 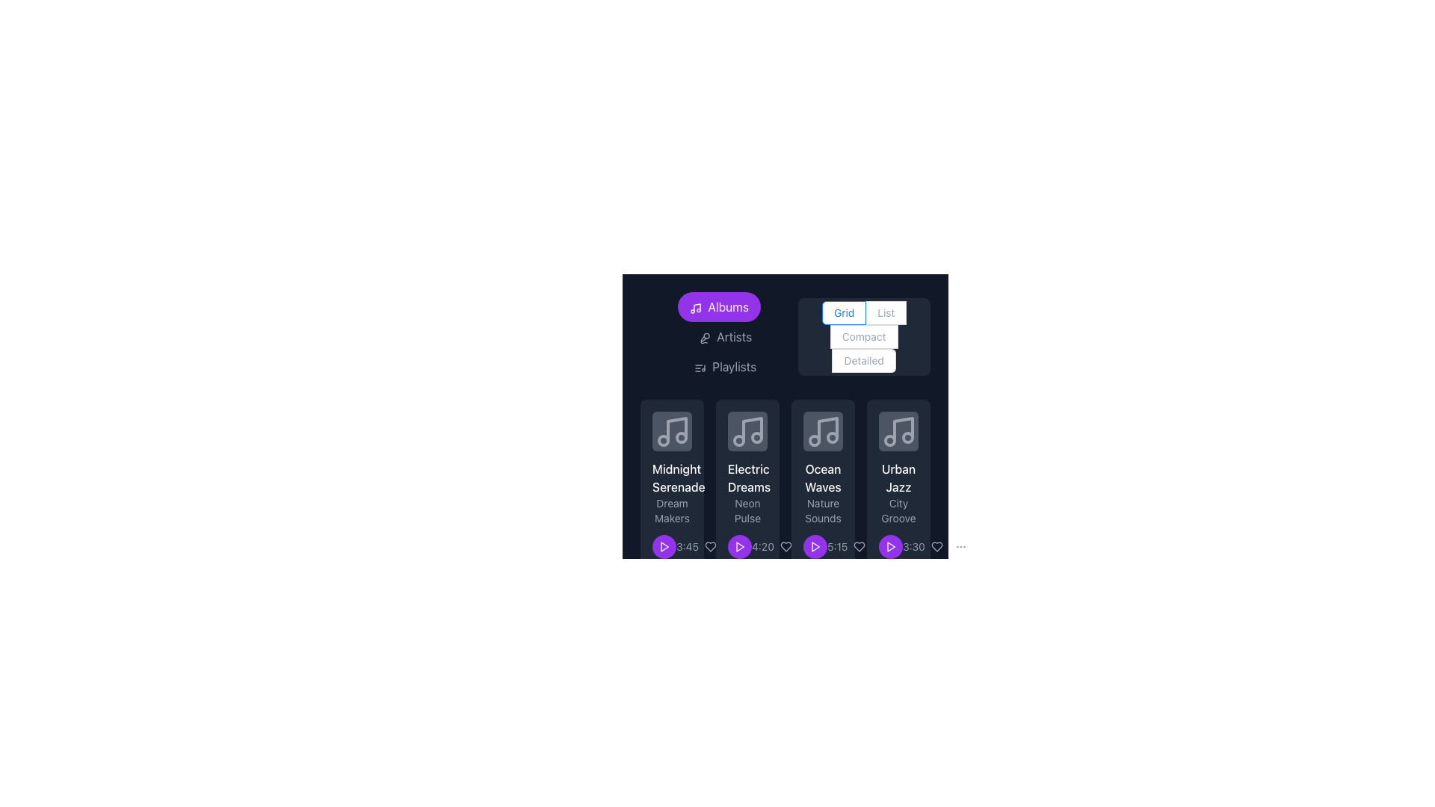 I want to click on the 'List' radio button, so click(x=886, y=312).